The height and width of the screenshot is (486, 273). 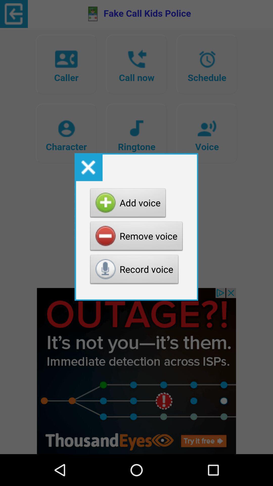 What do you see at coordinates (136, 237) in the screenshot?
I see `remove voice button` at bounding box center [136, 237].